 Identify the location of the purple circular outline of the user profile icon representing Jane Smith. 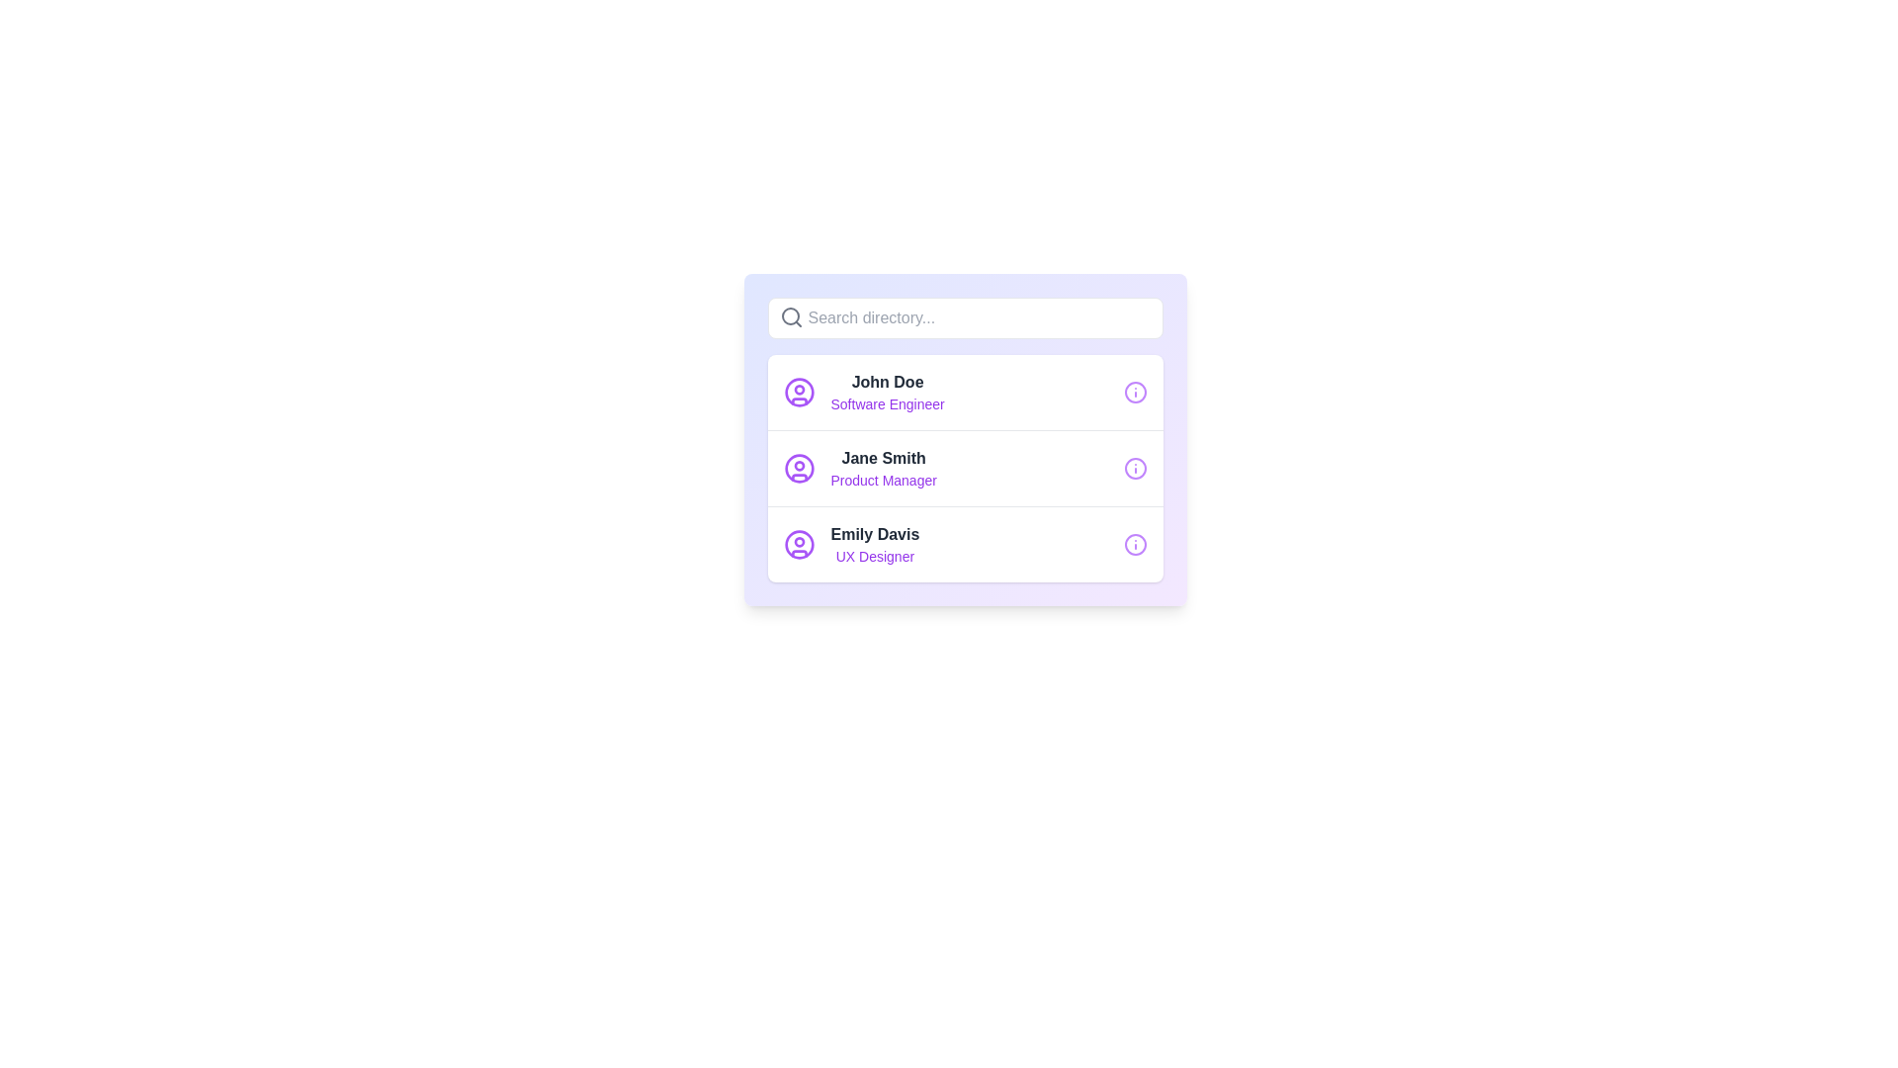
(799, 469).